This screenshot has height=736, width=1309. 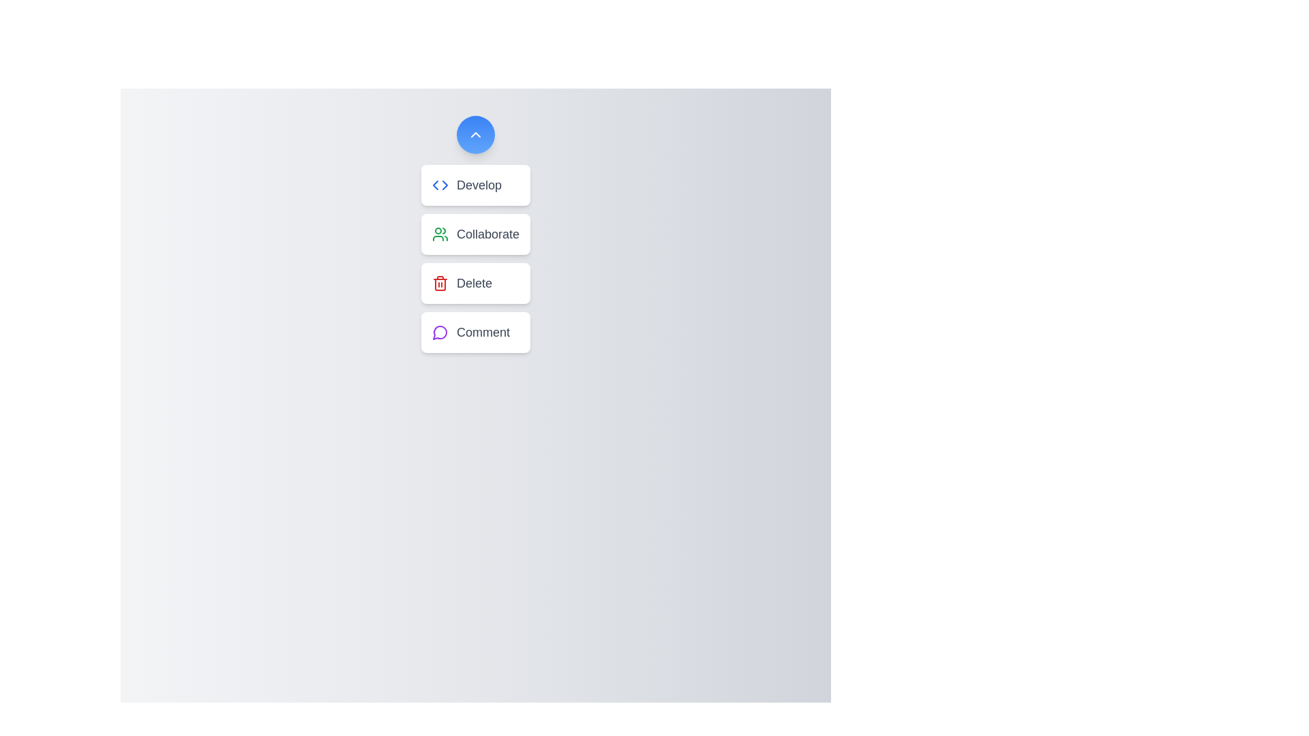 I want to click on the button labeled Collaborate, so click(x=475, y=233).